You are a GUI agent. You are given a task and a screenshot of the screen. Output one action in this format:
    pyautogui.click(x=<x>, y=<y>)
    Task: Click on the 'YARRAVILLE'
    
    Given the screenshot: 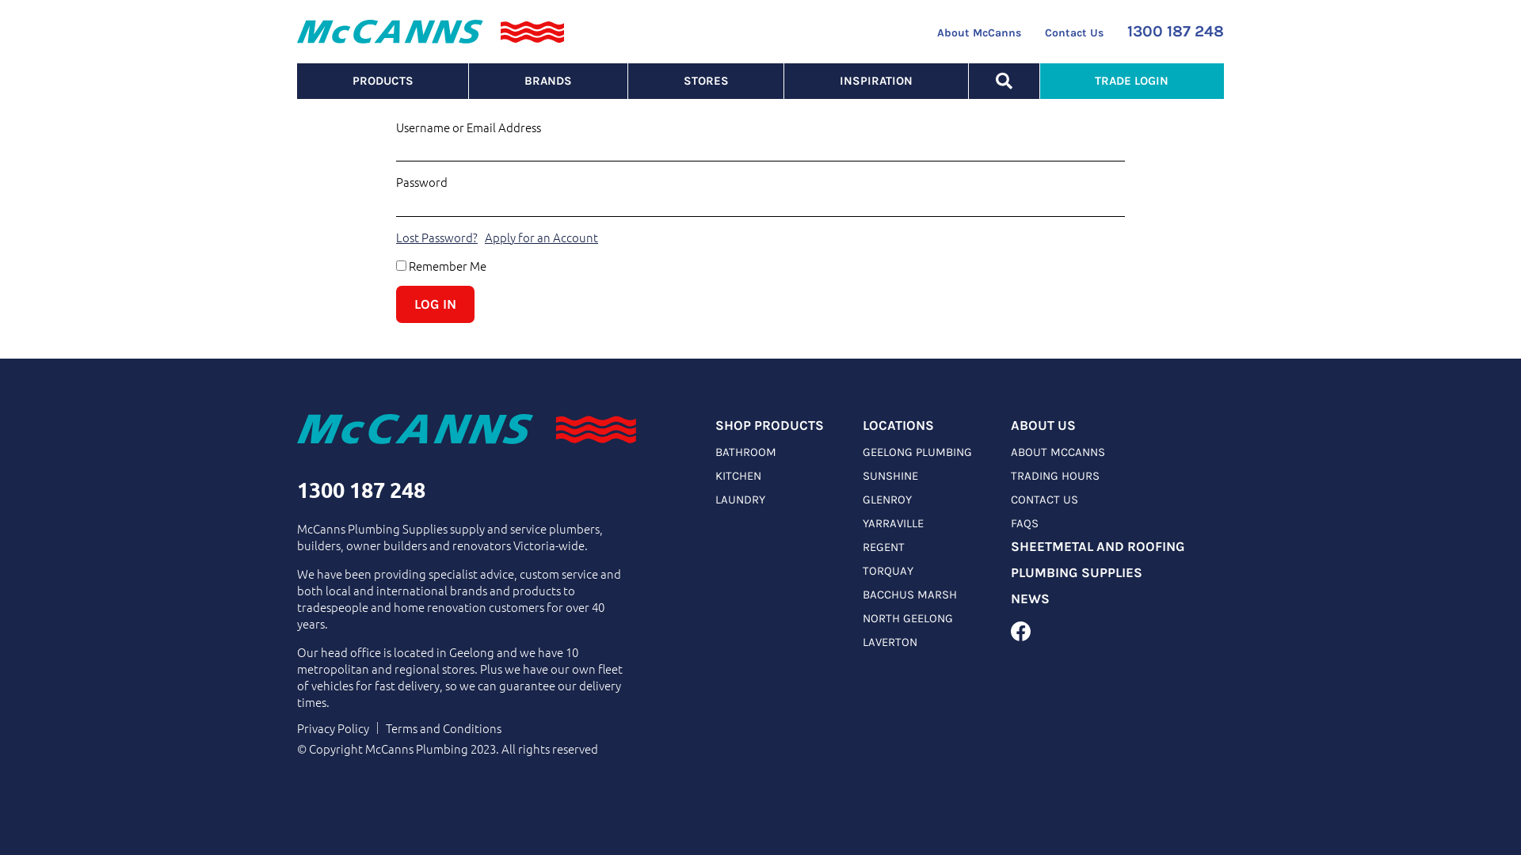 What is the action you would take?
    pyautogui.click(x=893, y=522)
    